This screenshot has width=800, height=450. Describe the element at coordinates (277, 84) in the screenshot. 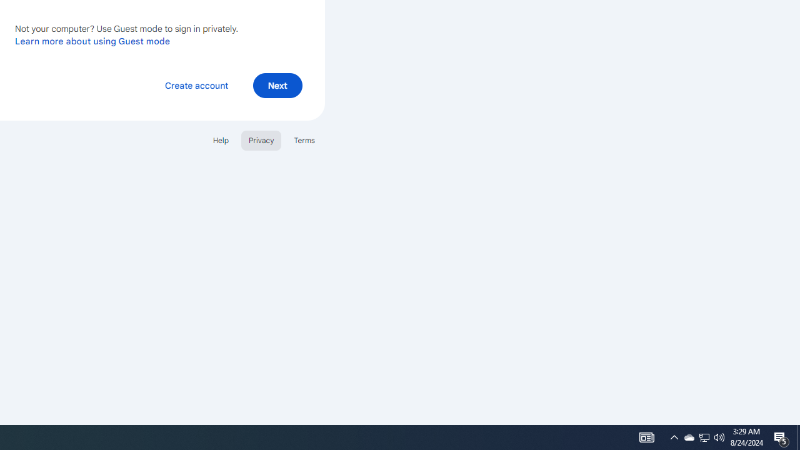

I see `'Next'` at that location.